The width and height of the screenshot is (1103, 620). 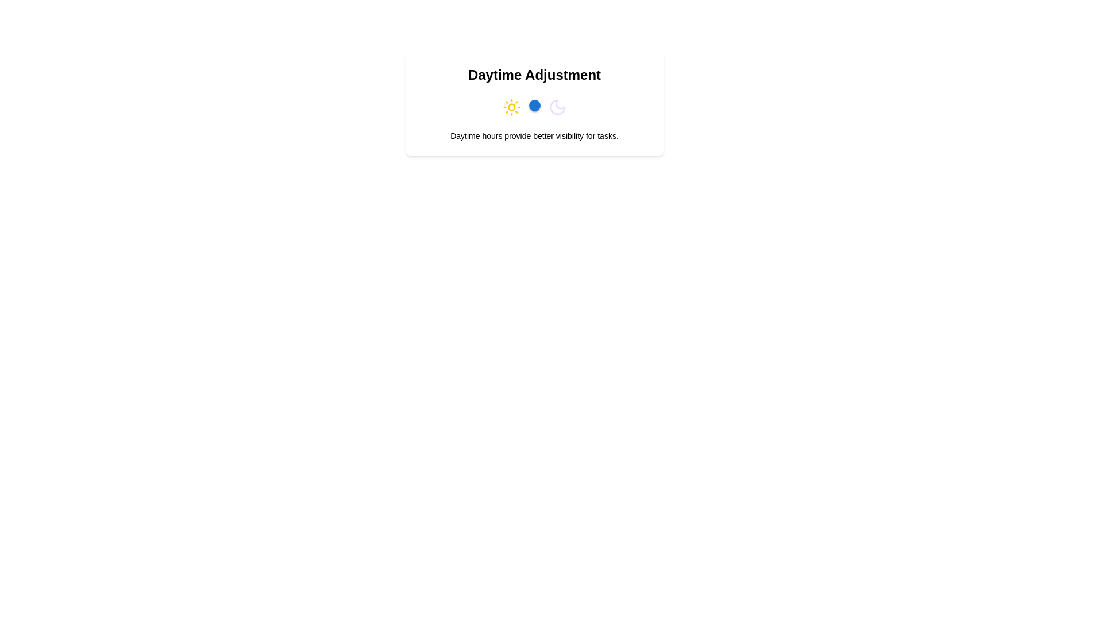 I want to click on the static text label that provides an informative note about the advantages of daytime for visibility tasks, located beneath the 'Daytime Adjustment' heading and day-night cycle icons, so click(x=534, y=135).